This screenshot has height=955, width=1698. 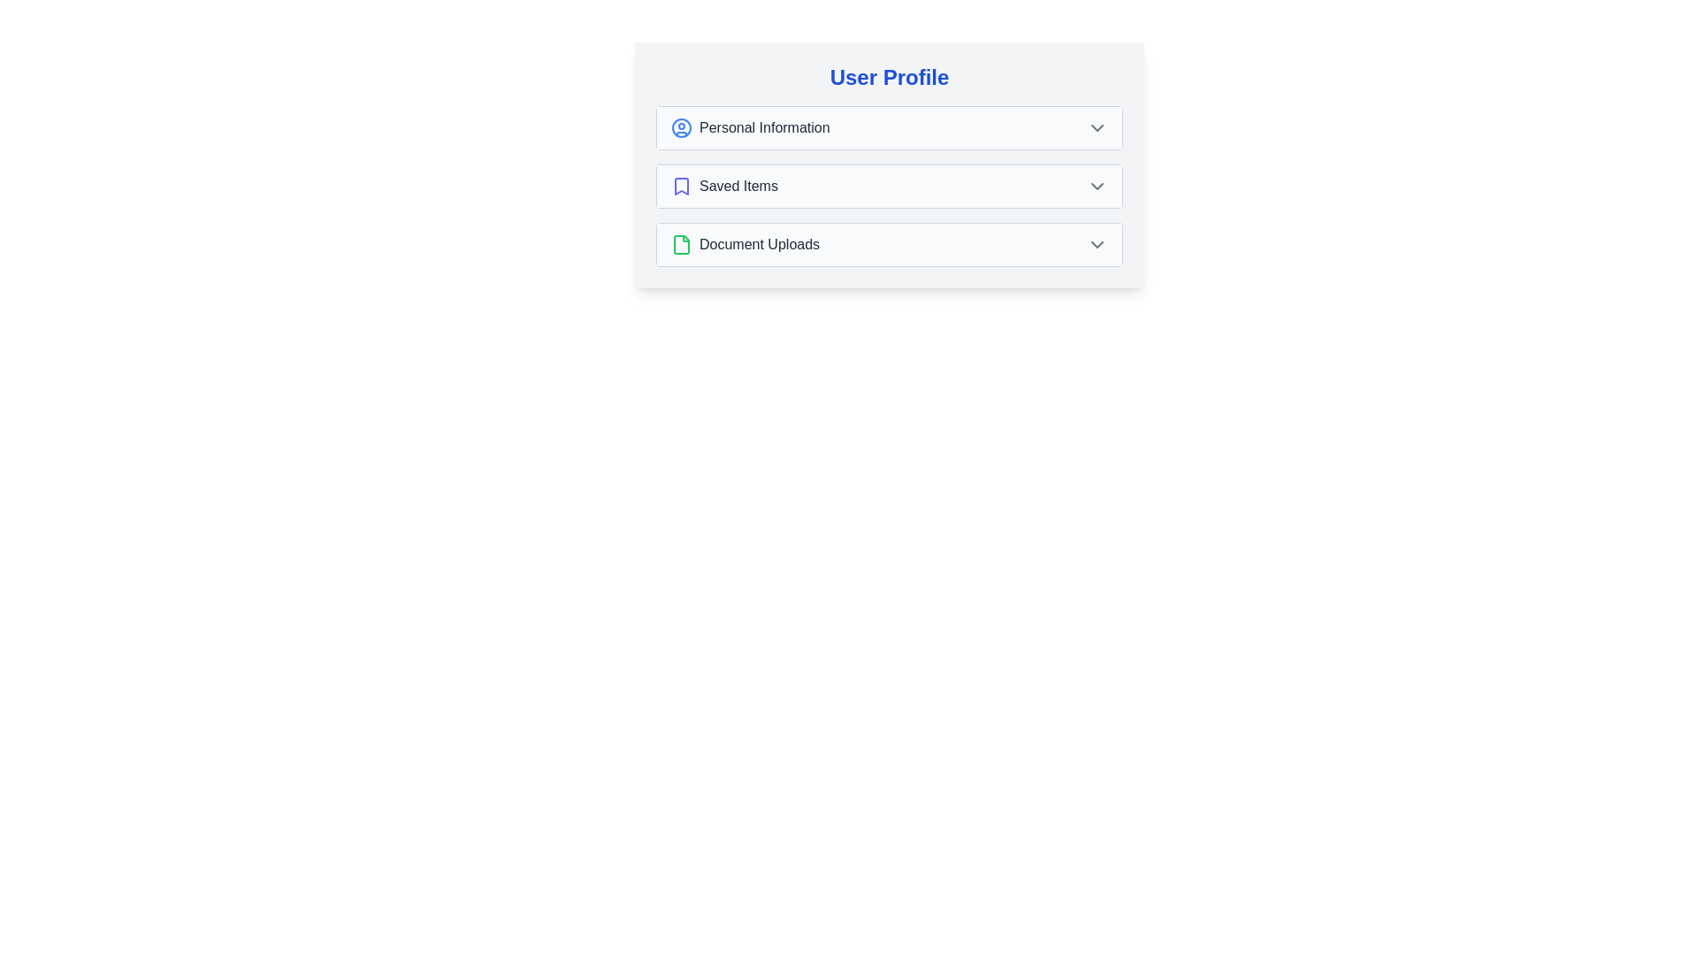 What do you see at coordinates (746, 245) in the screenshot?
I see `on the third menu item under the 'User Profile' section` at bounding box center [746, 245].